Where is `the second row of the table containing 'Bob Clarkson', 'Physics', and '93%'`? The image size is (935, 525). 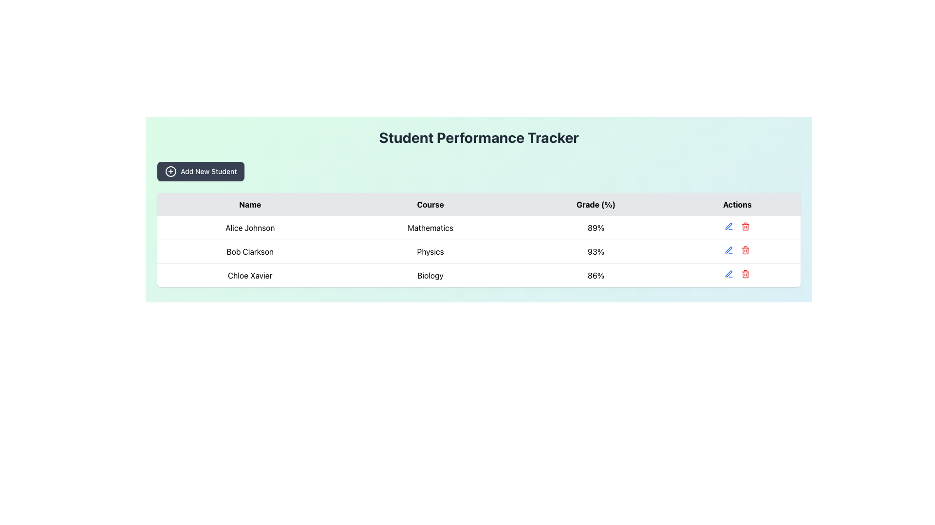
the second row of the table containing 'Bob Clarkson', 'Physics', and '93%' is located at coordinates (479, 251).